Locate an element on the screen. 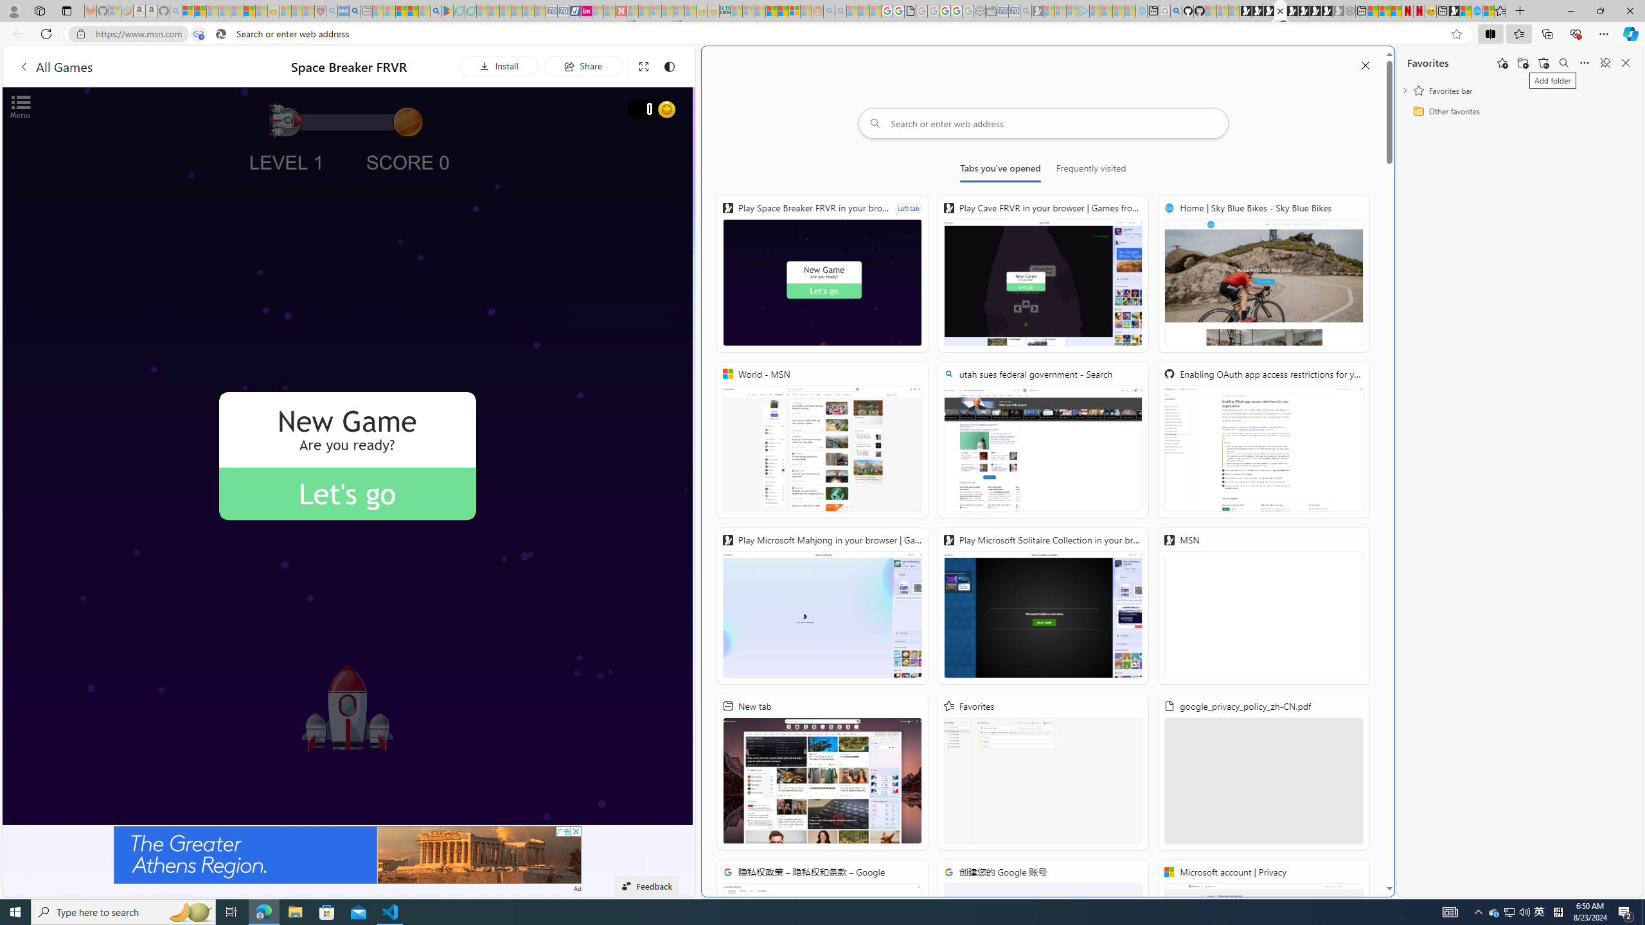  'AutomationID: gameCanvas' is located at coordinates (348, 455).